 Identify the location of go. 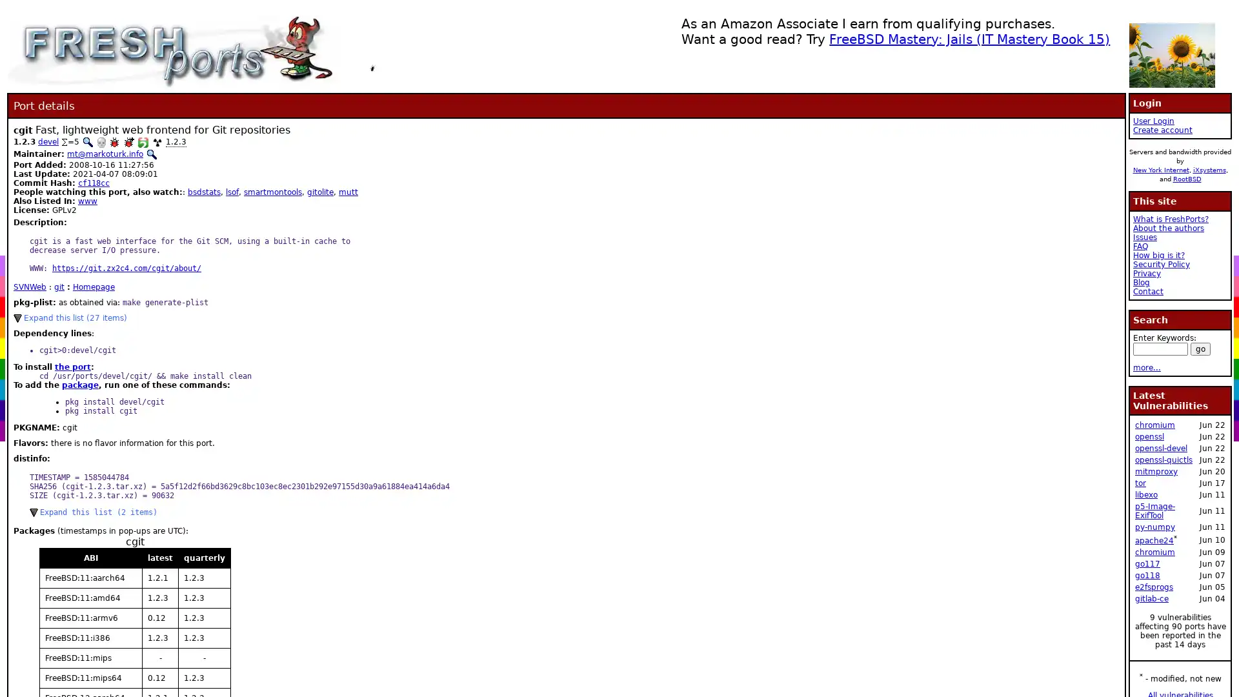
(1200, 348).